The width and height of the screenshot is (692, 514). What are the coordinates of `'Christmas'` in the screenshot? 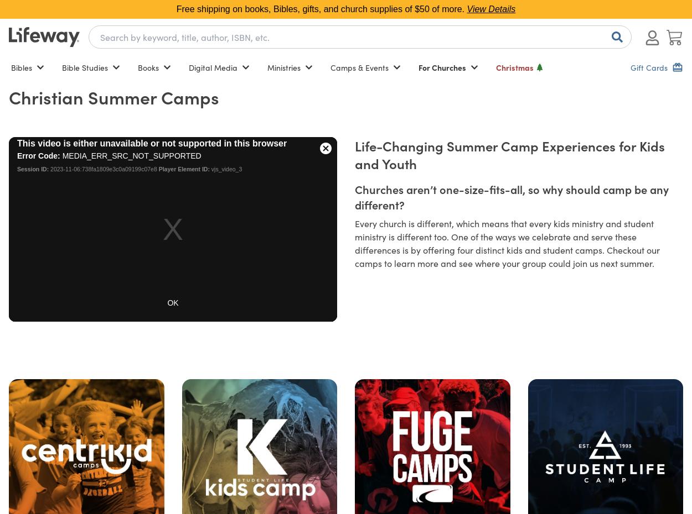 It's located at (515, 67).